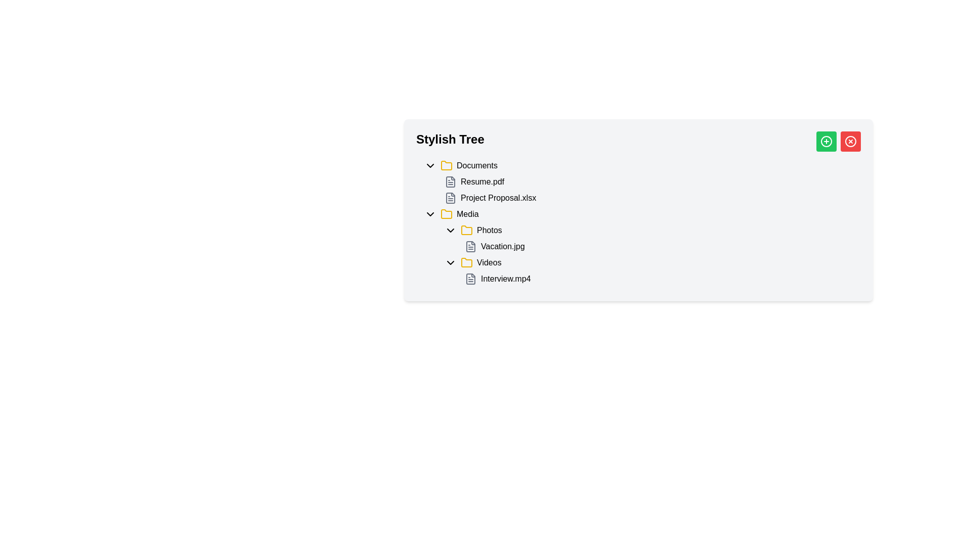  Describe the element at coordinates (446, 214) in the screenshot. I see `the 'Media' folder icon to interact with the category` at that location.